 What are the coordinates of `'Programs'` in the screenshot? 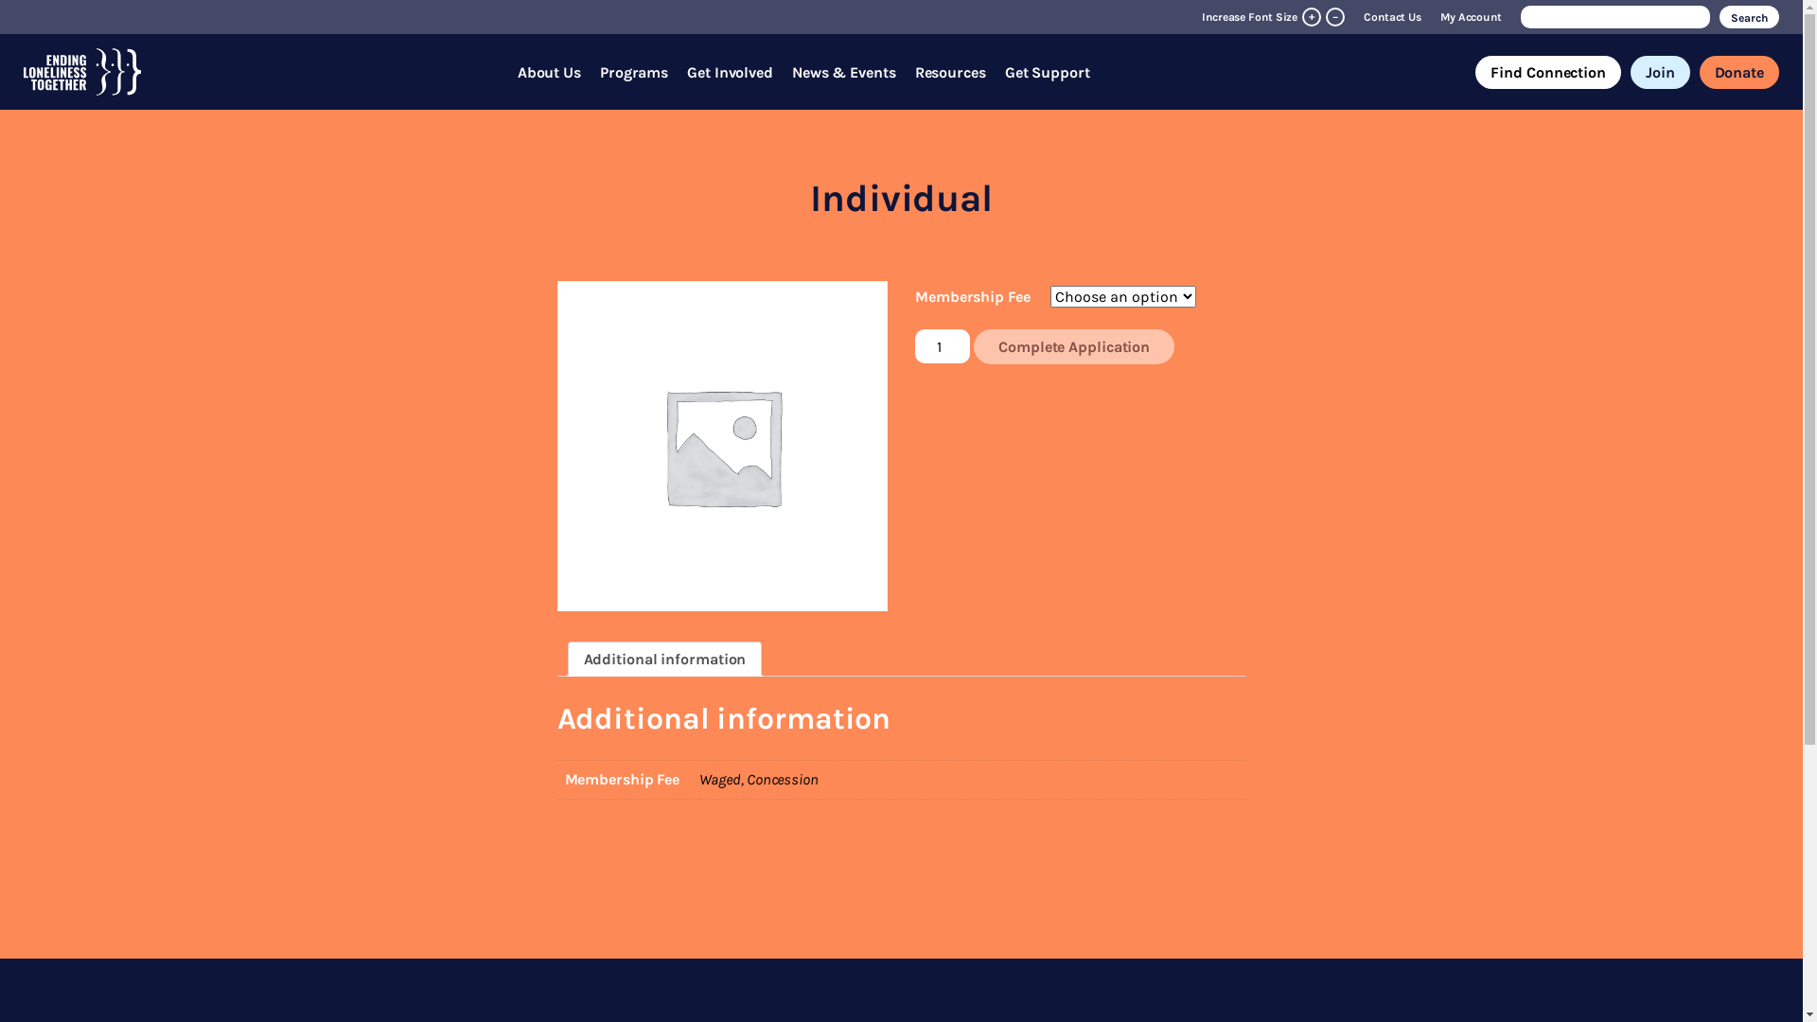 It's located at (634, 70).